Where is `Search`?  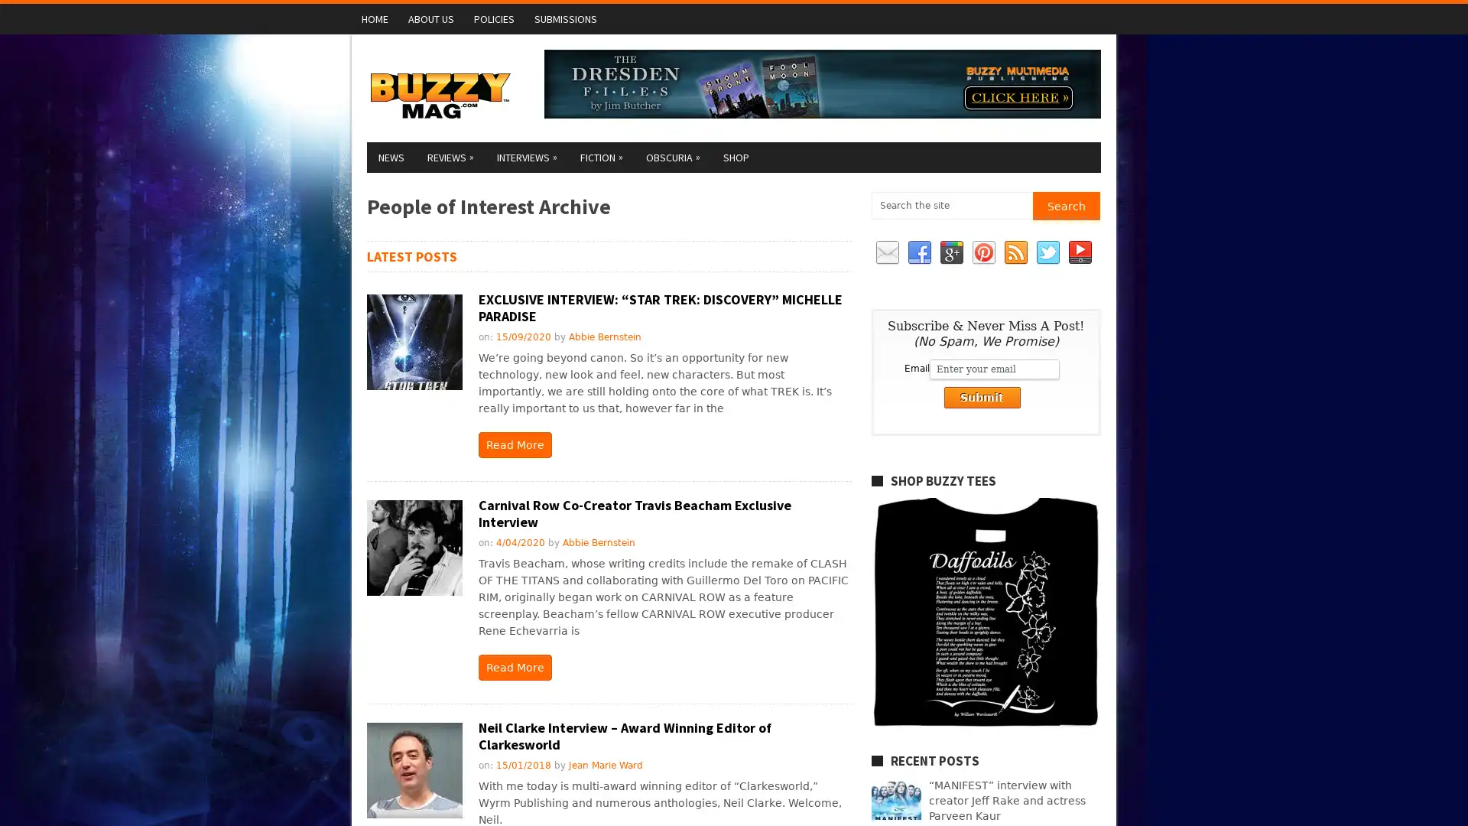 Search is located at coordinates (1065, 205).